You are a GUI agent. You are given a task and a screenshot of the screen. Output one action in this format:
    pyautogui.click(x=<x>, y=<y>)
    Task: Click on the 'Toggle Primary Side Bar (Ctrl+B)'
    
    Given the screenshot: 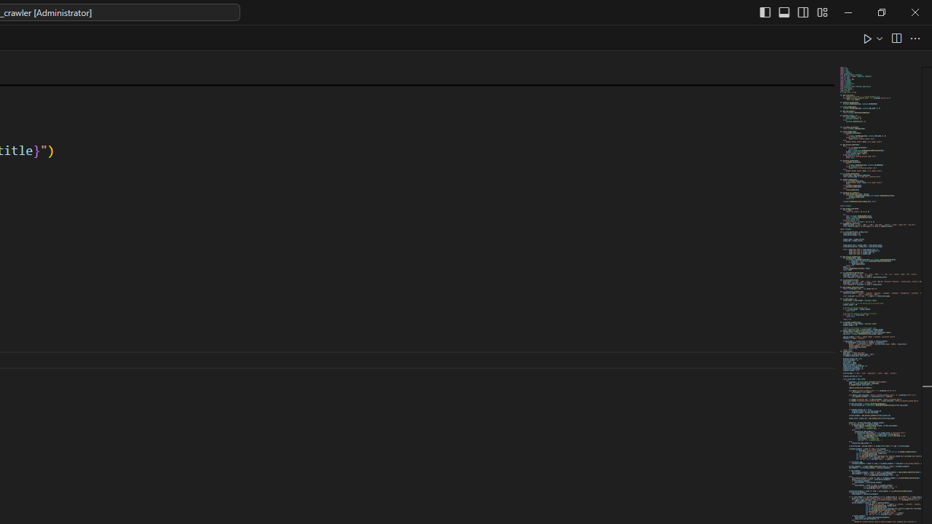 What is the action you would take?
    pyautogui.click(x=764, y=12)
    